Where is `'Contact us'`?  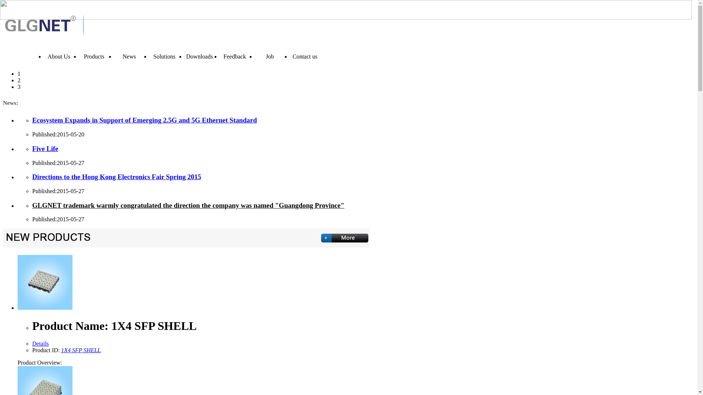
'Contact us' is located at coordinates (284, 56).